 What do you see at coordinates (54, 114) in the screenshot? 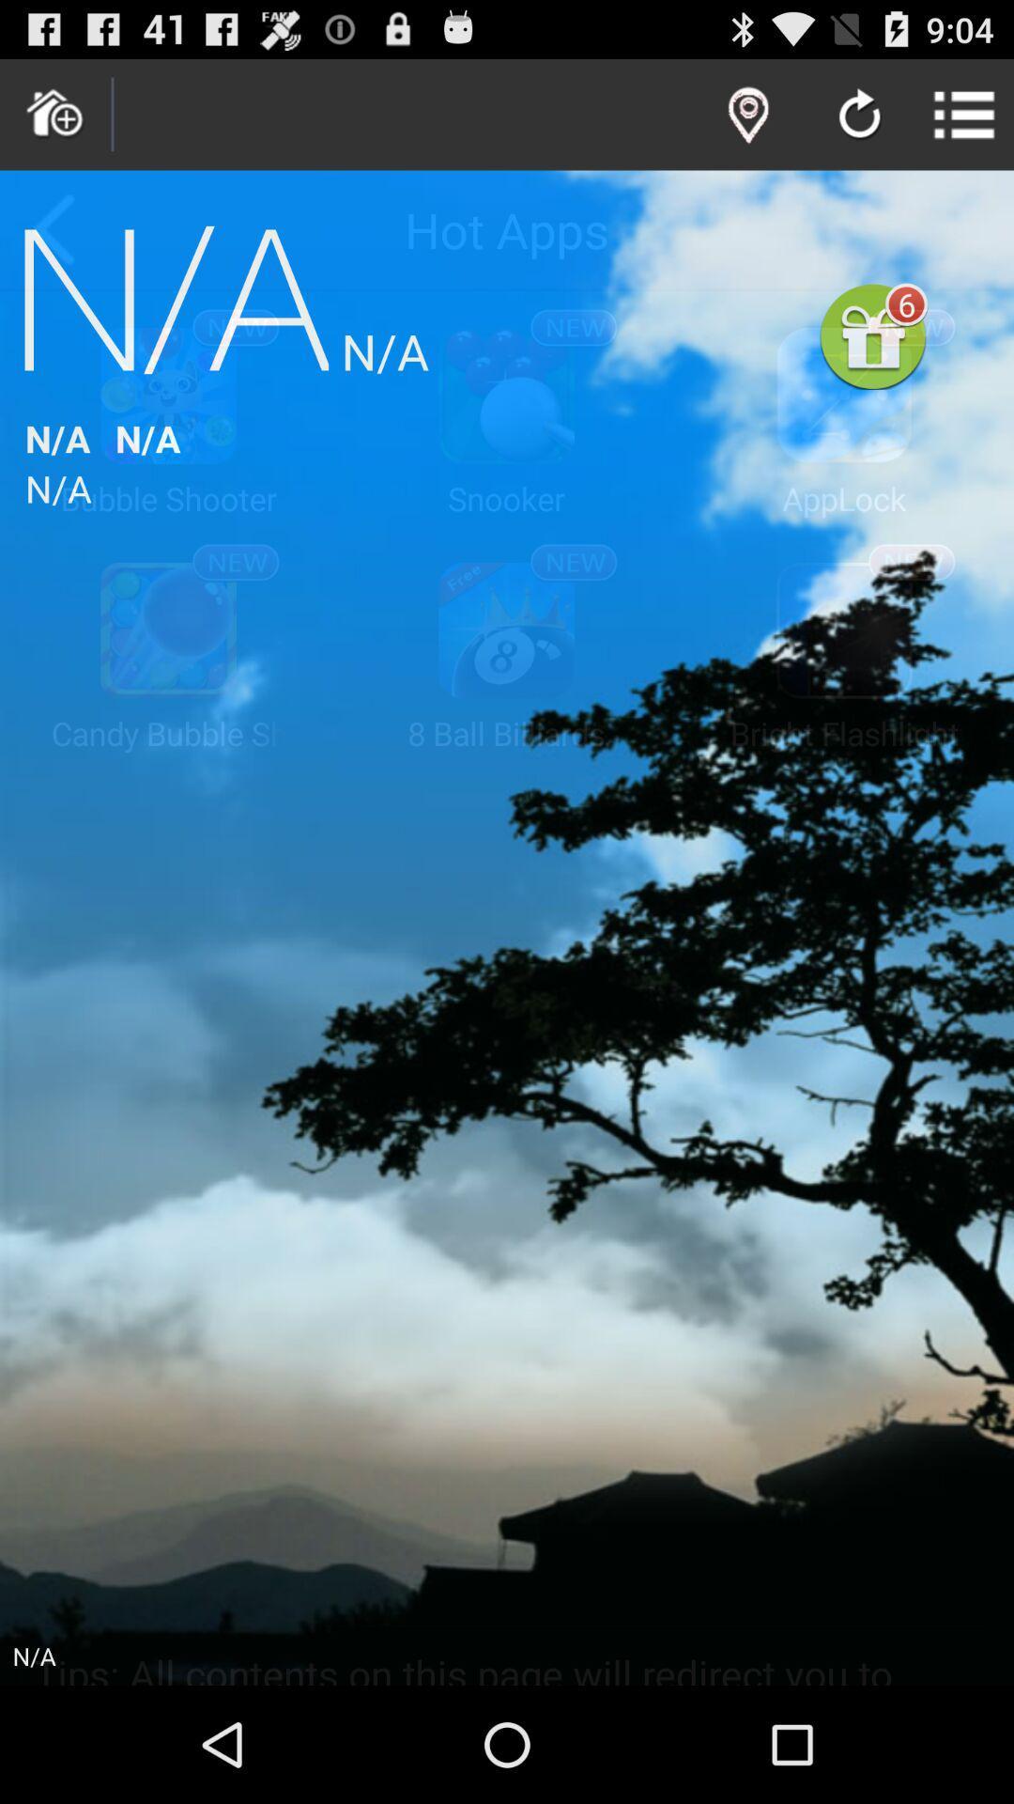
I see `home location` at bounding box center [54, 114].